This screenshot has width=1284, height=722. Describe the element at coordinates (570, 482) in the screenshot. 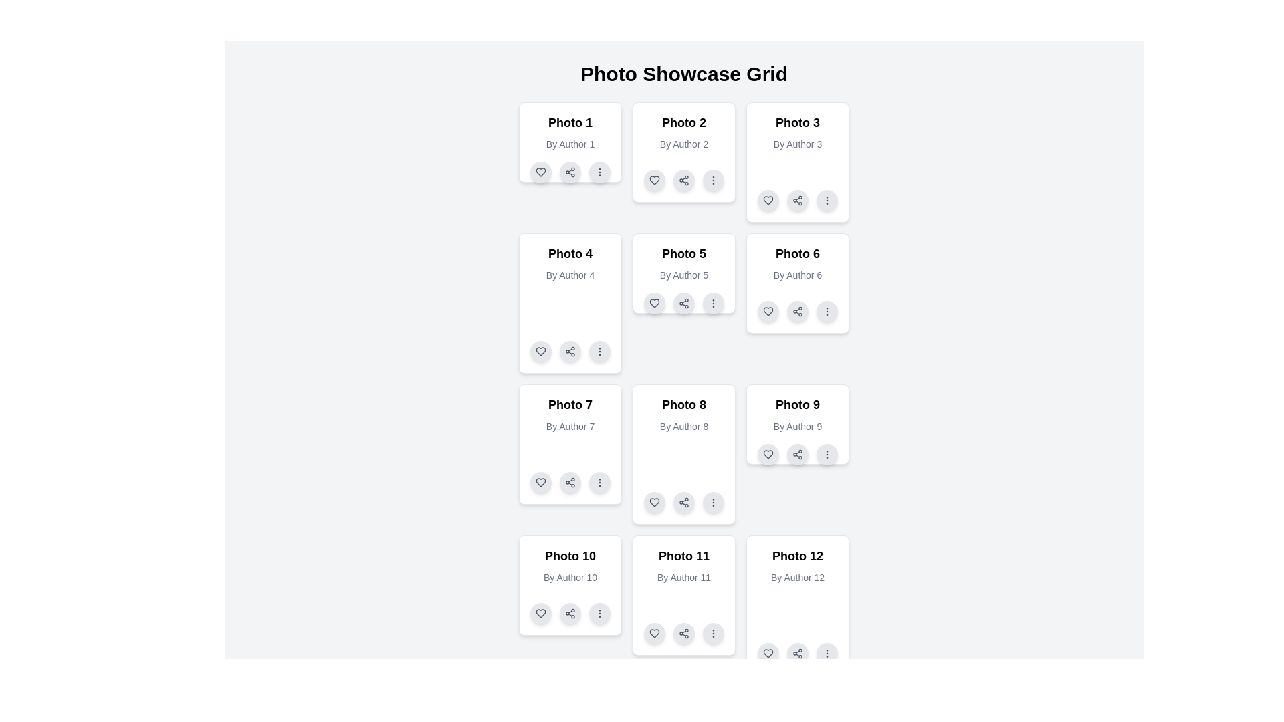

I see `the action bar buttons (heart, share, ellipsis) in the bottom-right corner of the 'Photo 7' card` at that location.